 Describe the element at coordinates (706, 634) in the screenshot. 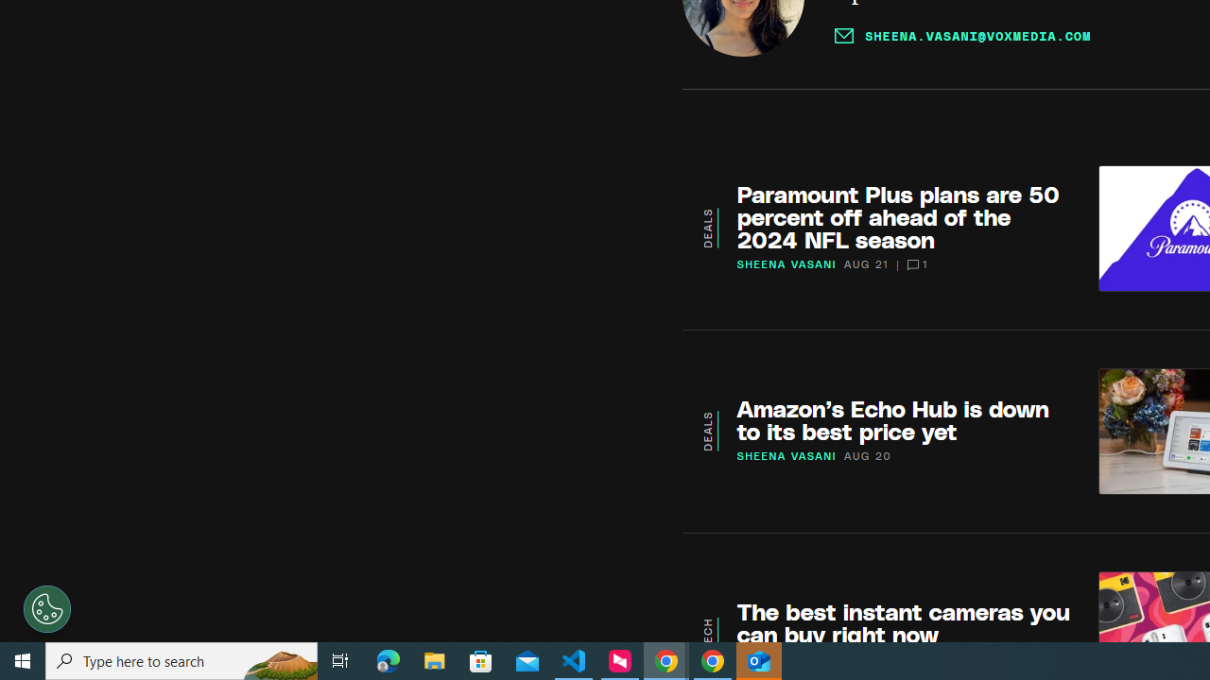

I see `'TECH'` at that location.